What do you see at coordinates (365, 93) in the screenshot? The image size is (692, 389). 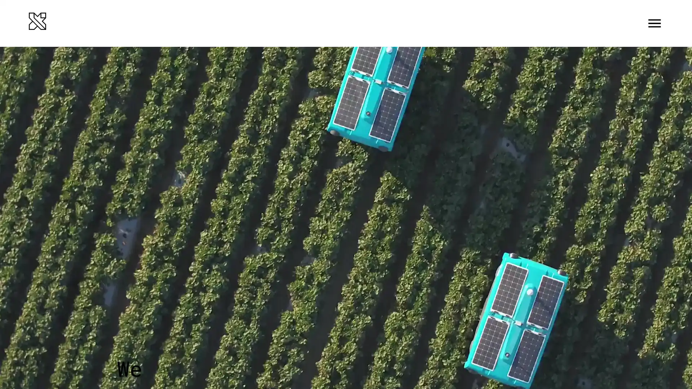 I see `Seeing underwater In 2020, X launches Tidal, a new project combining machine learning and an underwater camera system to help understand and protect our oceans ecosystems. They start with a small corner of the problem: partnering with fish farmers to help them run and grow their operations more sustainably.` at bounding box center [365, 93].